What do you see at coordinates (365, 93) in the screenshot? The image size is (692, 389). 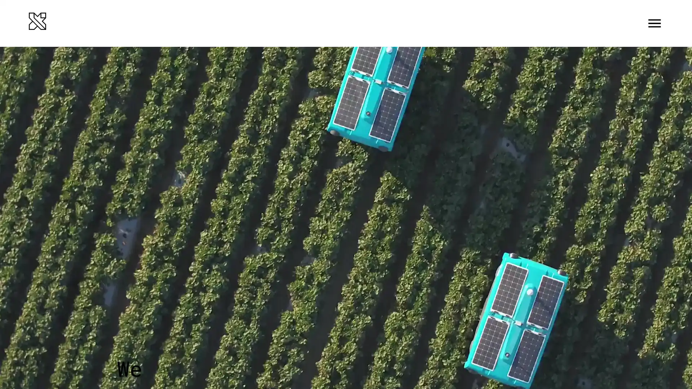 I see `Seeing underwater In 2020, X launches Tidal, a new project combining machine learning and an underwater camera system to help understand and protect our oceans ecosystems. They start with a small corner of the problem: partnering with fish farmers to help them run and grow their operations more sustainably.` at bounding box center [365, 93].